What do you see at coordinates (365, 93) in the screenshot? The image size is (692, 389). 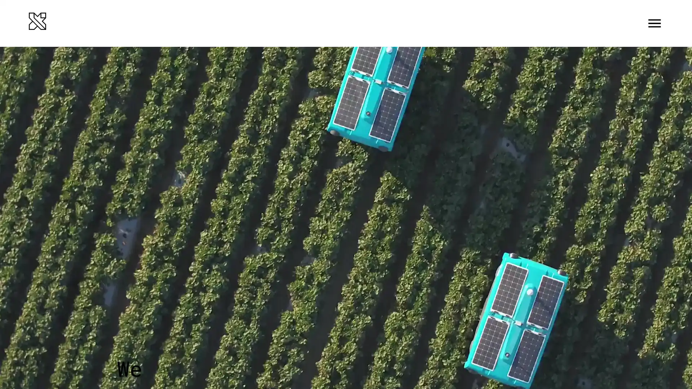 I see `Seeing underwater In 2020, X launches Tidal, a new project combining machine learning and an underwater camera system to help understand and protect our oceans ecosystems. They start with a small corner of the problem: partnering with fish farmers to help them run and grow their operations more sustainably.` at bounding box center [365, 93].